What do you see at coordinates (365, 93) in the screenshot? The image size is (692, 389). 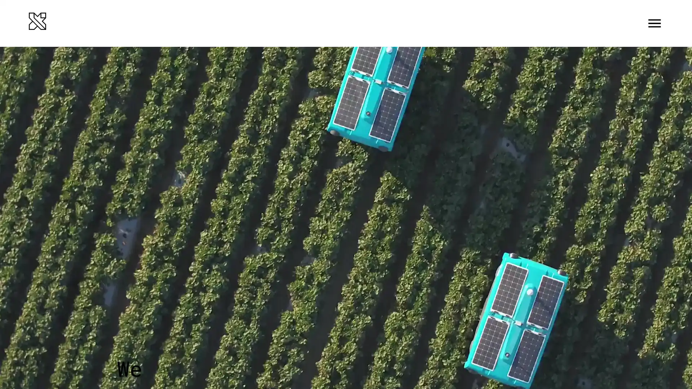 I see `Seeing underwater In 2020, X launches Tidal, a new project combining machine learning and an underwater camera system to help understand and protect our oceans ecosystems. They start with a small corner of the problem: partnering with fish farmers to help them run and grow their operations more sustainably.` at bounding box center [365, 93].